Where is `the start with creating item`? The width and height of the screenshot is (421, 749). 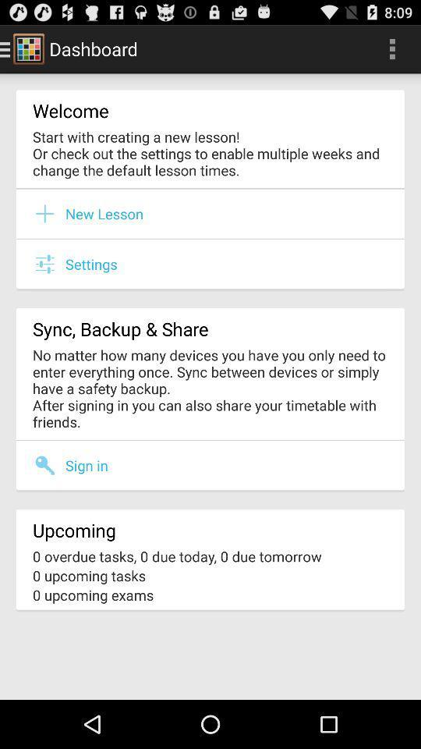
the start with creating item is located at coordinates (210, 153).